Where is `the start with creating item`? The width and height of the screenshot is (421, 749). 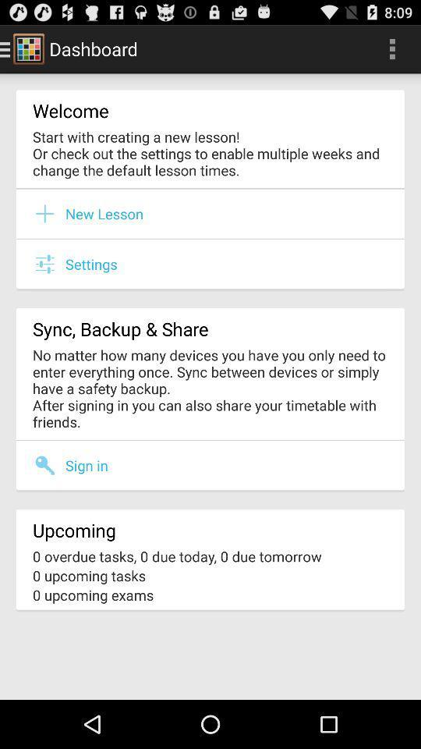
the start with creating item is located at coordinates (210, 153).